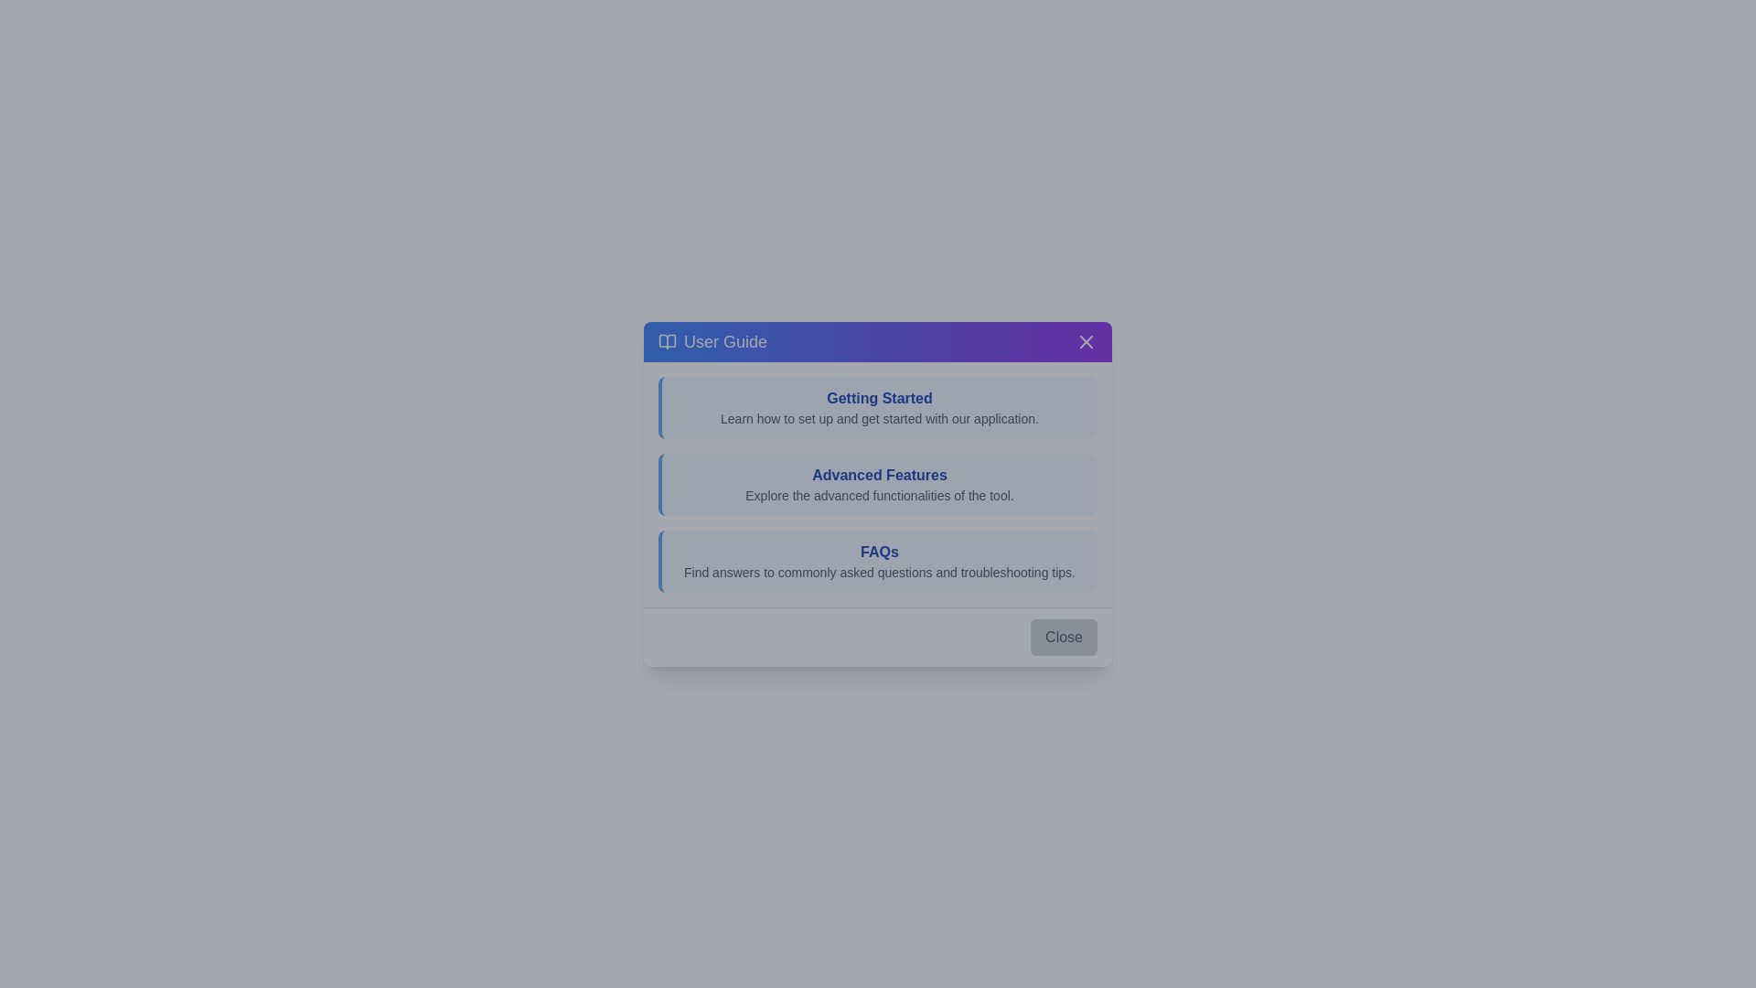 This screenshot has width=1756, height=988. I want to click on text content of the middle informational panel, which has a bold blue heading and lighter gray description, positioned between the 'Getting Started' and 'FAQs' panels, so click(878, 483).